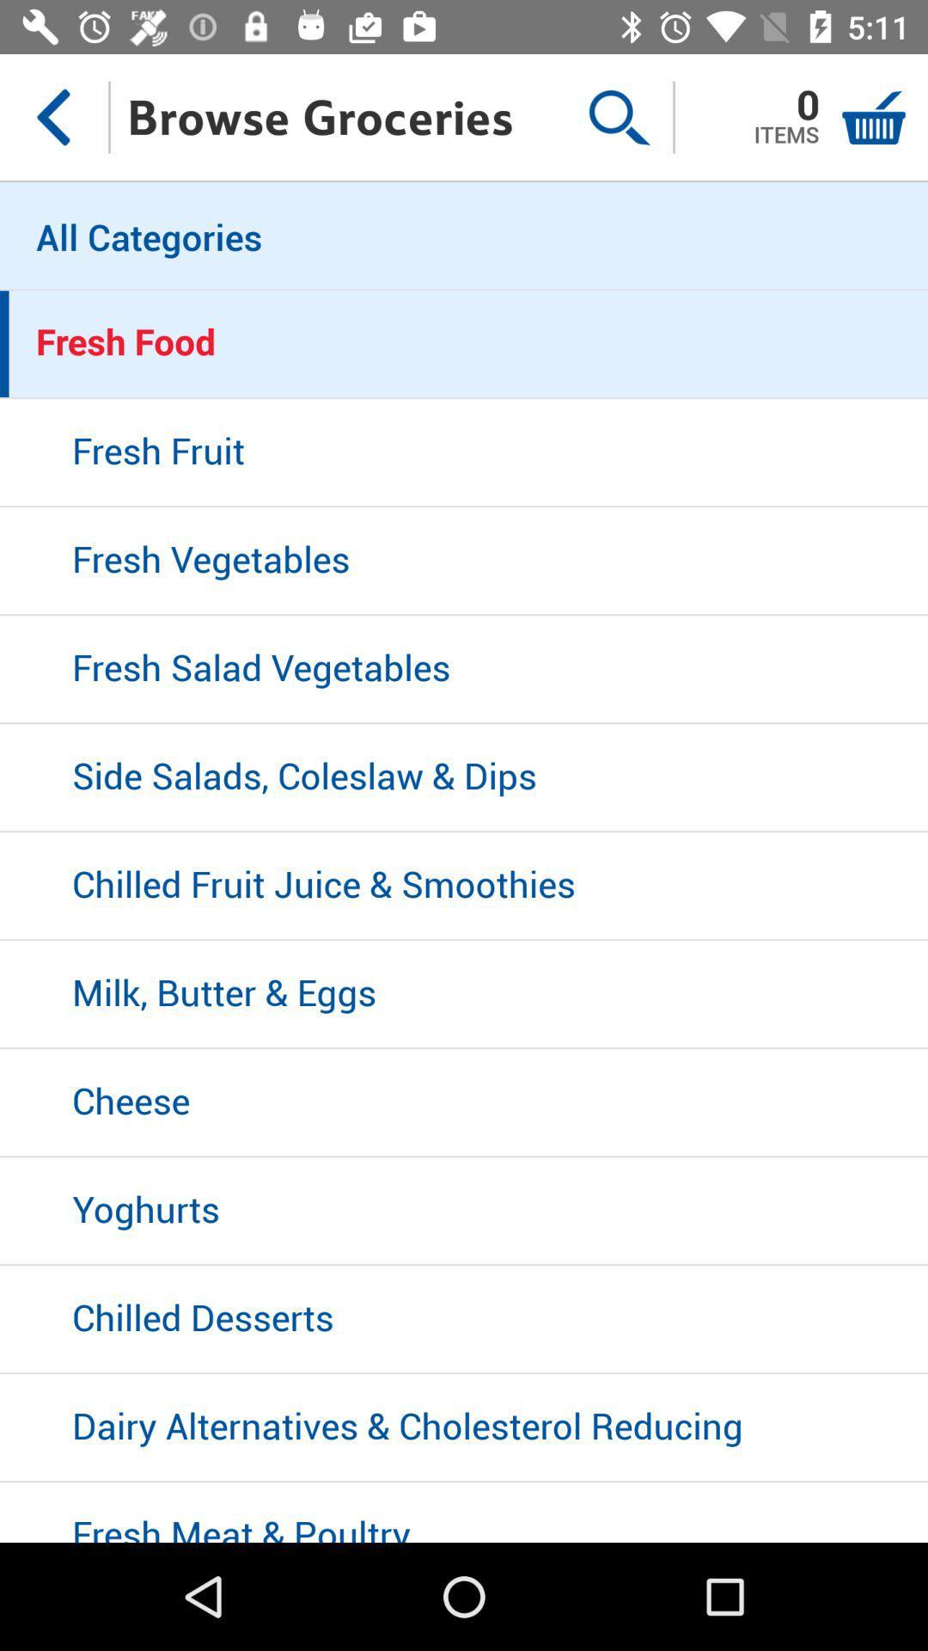 The width and height of the screenshot is (928, 1651). Describe the element at coordinates (464, 1103) in the screenshot. I see `the cheese item` at that location.